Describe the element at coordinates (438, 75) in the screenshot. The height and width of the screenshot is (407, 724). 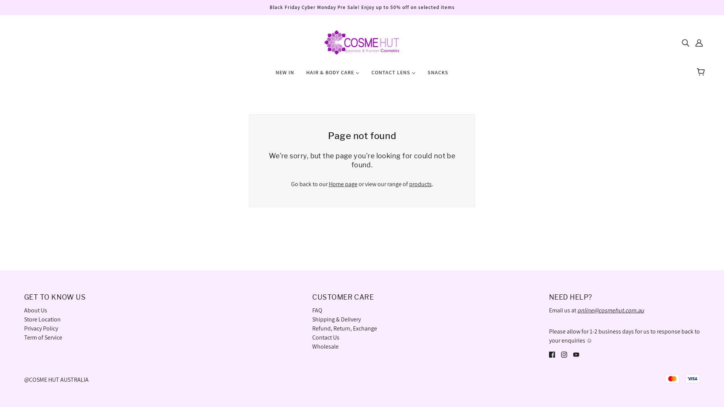
I see `'SNACKS'` at that location.